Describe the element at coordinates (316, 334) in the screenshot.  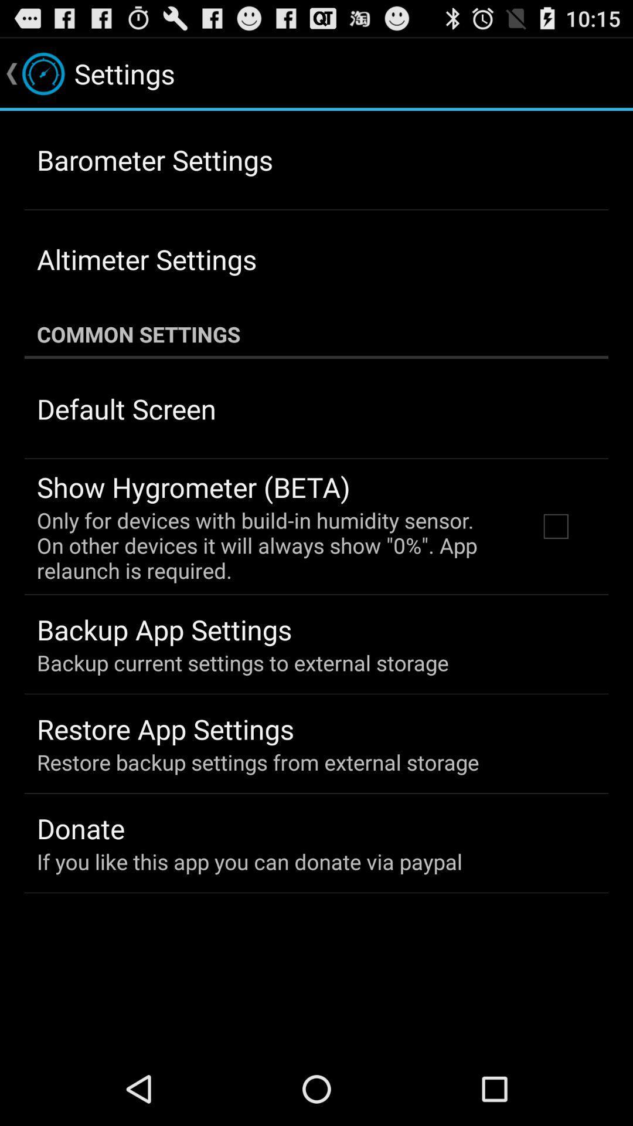
I see `icon at the top` at that location.